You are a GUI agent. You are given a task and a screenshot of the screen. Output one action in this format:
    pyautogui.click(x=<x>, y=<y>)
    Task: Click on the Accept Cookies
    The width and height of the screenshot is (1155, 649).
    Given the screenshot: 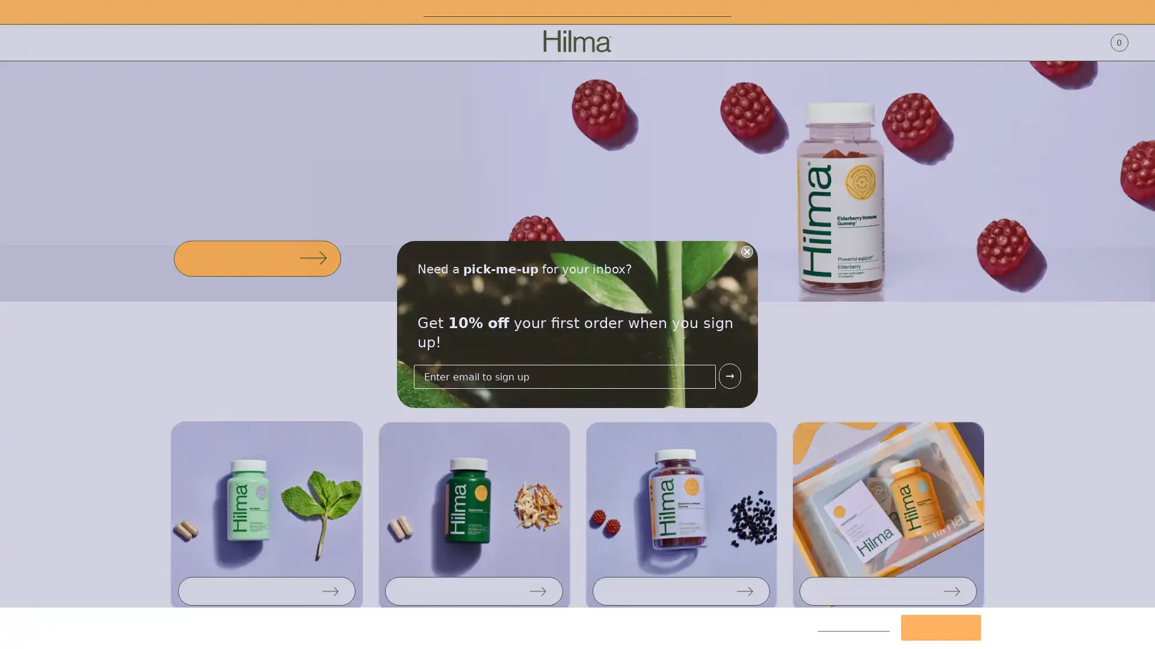 What is the action you would take?
    pyautogui.click(x=938, y=632)
    